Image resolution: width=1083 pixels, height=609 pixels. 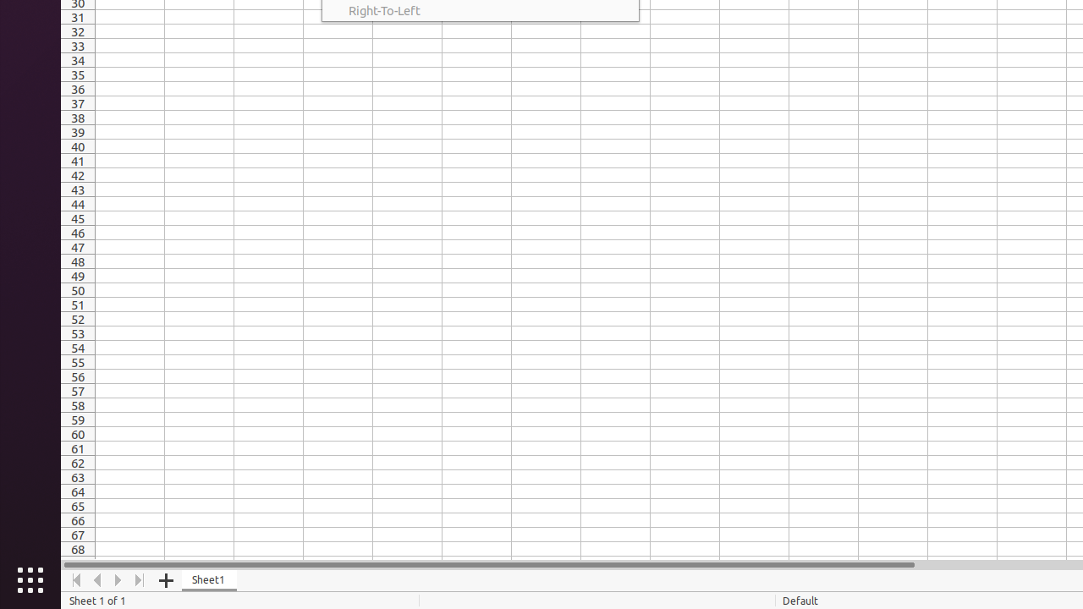 I want to click on 'Right-To-Left', so click(x=479, y=10).